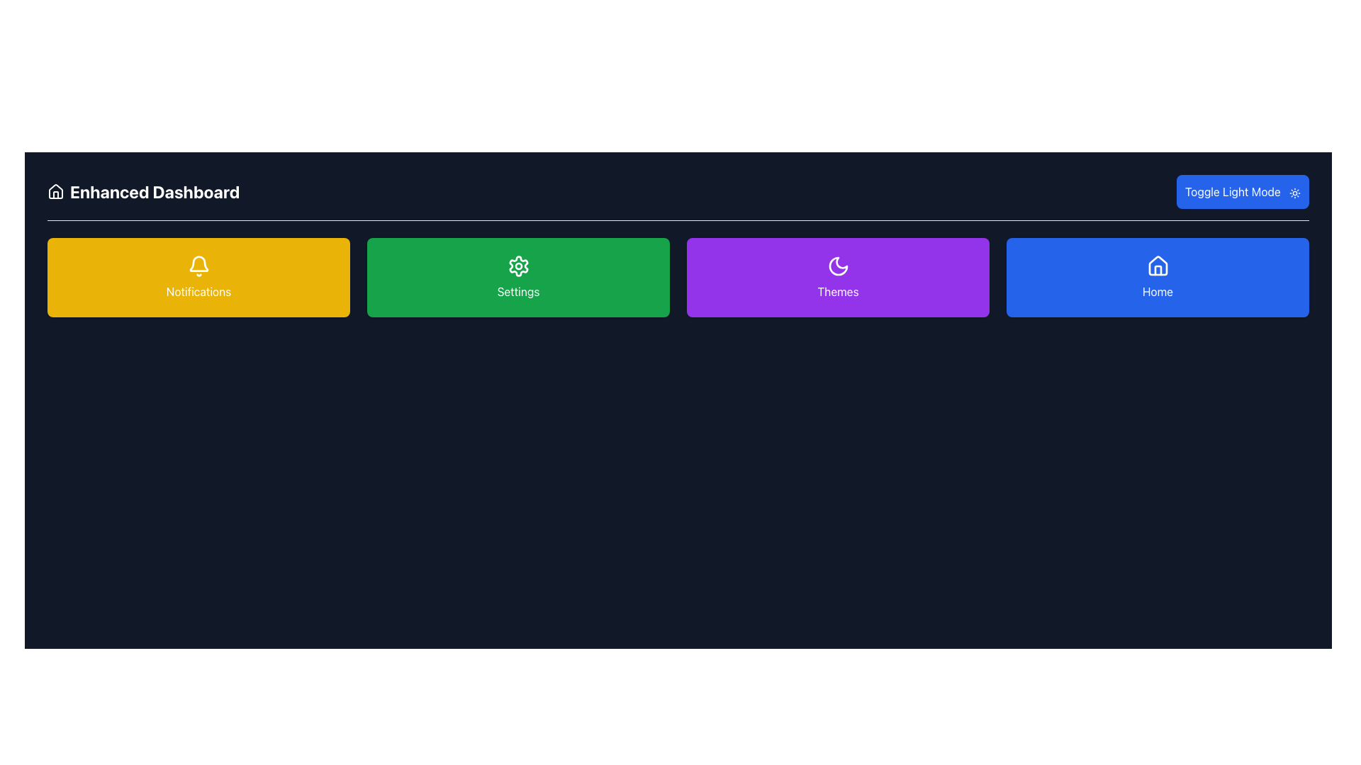  What do you see at coordinates (198, 266) in the screenshot?
I see `the bell-shaped icon inside the yellow 'Notifications' panel for more information` at bounding box center [198, 266].